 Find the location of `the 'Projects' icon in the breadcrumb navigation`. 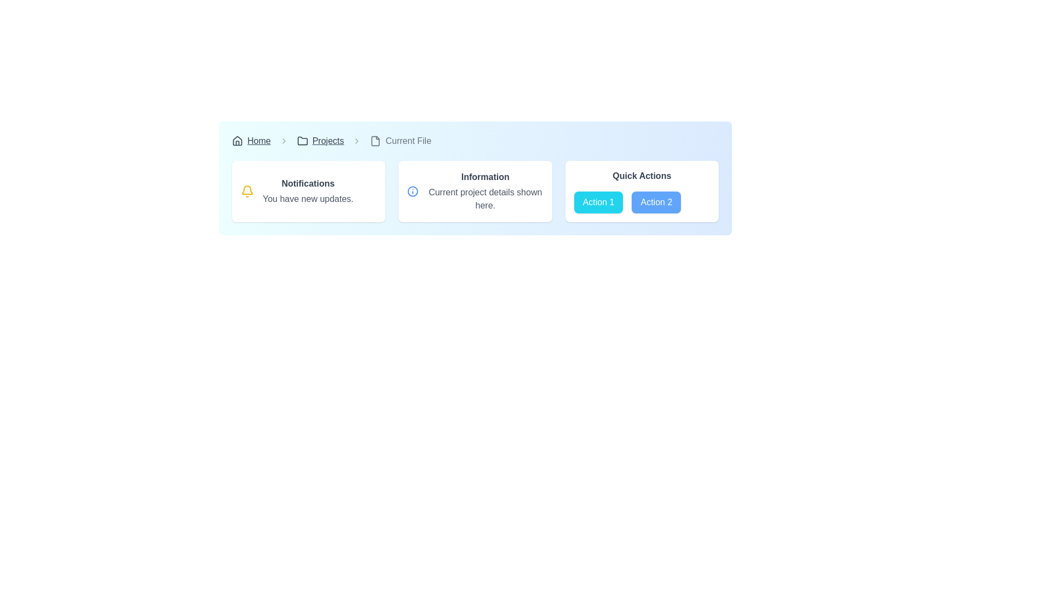

the 'Projects' icon in the breadcrumb navigation is located at coordinates (302, 140).